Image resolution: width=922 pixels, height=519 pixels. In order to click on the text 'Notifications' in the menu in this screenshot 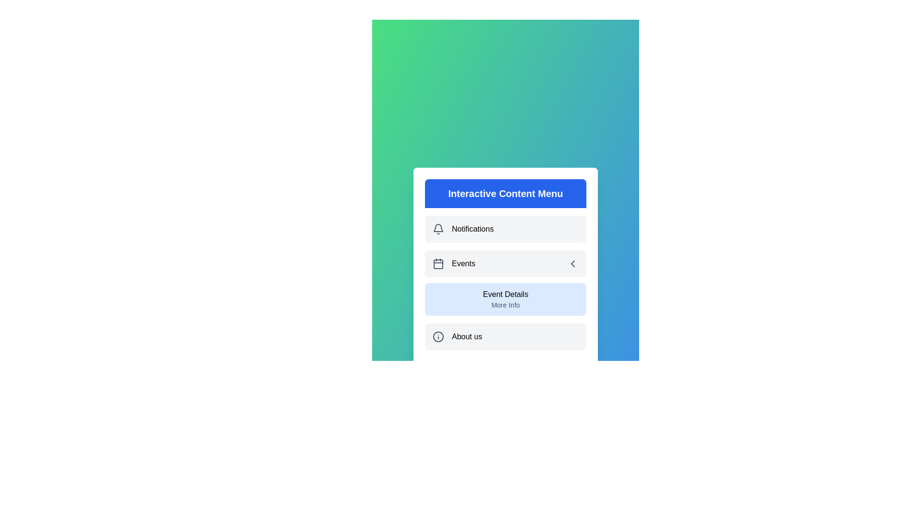, I will do `click(505, 229)`.